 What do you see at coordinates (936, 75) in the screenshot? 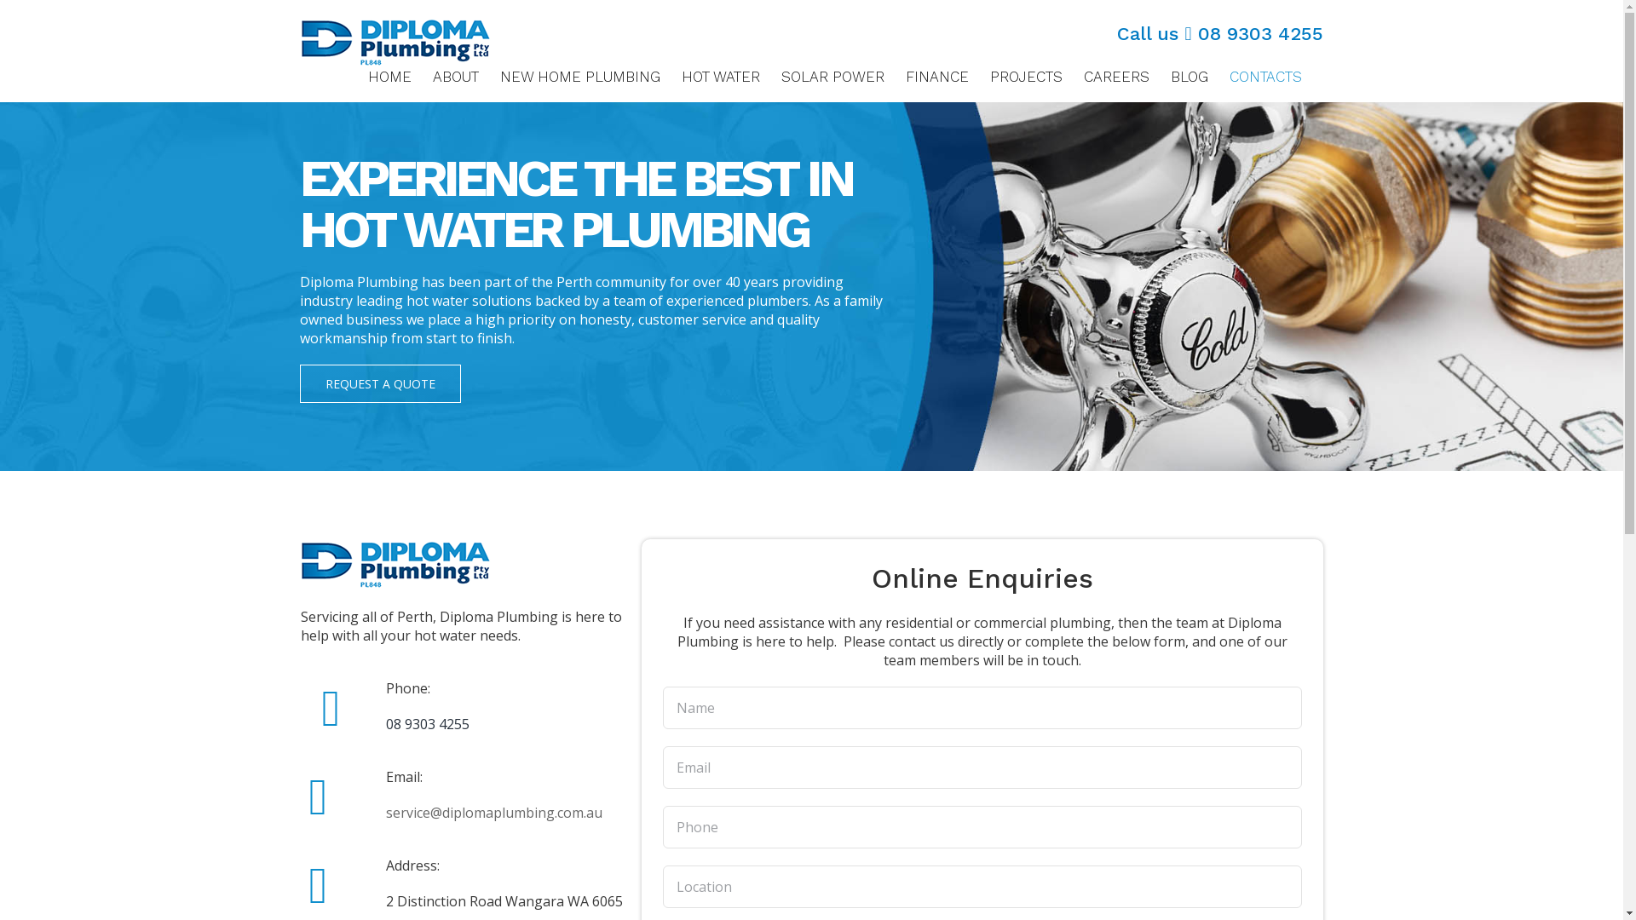
I see `'FINANCE'` at bounding box center [936, 75].